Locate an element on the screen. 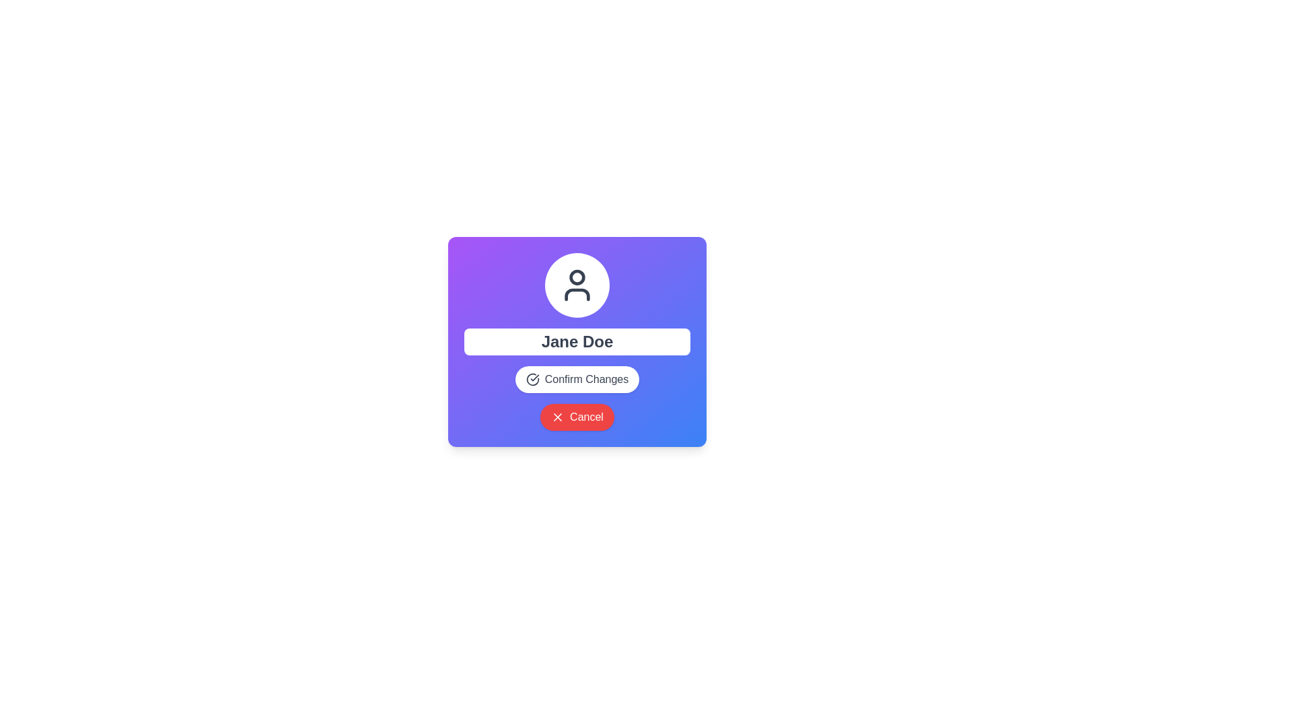  the small red circular icon resembling a cross located to the left of the 'Cancel' button is located at coordinates (558, 417).